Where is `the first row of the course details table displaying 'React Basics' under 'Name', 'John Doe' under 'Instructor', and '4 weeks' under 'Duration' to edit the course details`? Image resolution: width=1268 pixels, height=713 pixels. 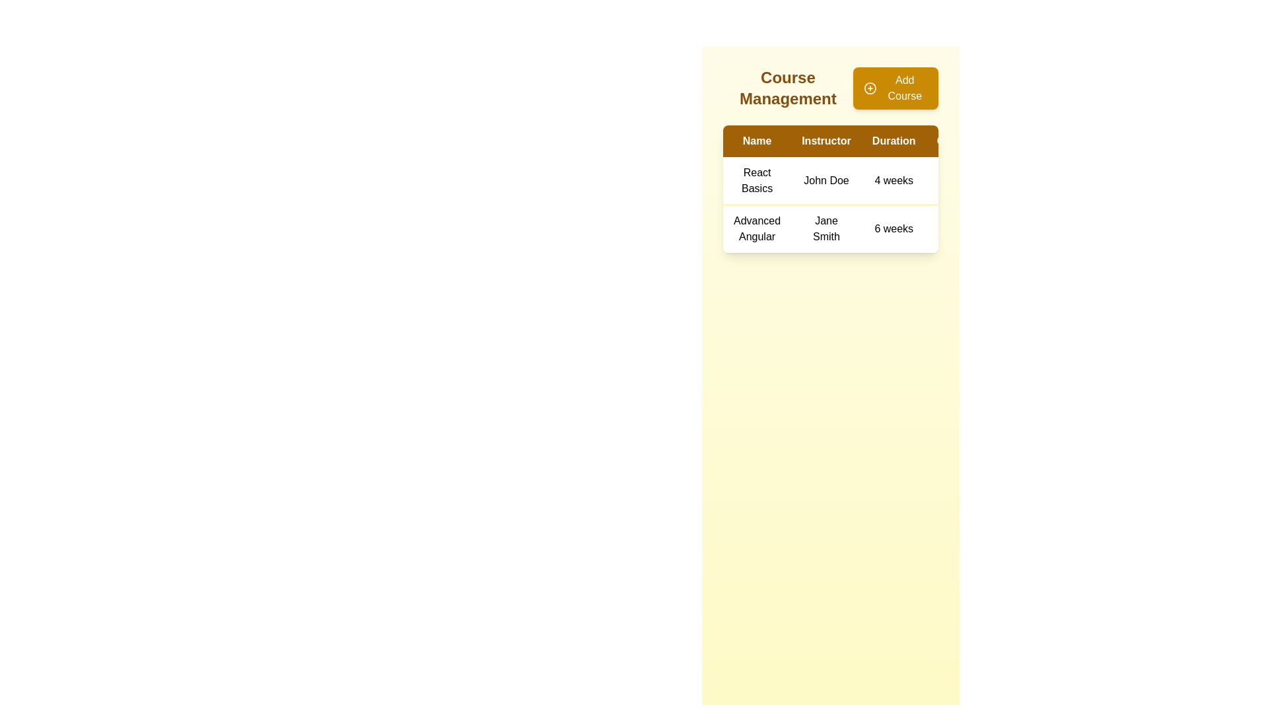
the first row of the course details table displaying 'React Basics' under 'Name', 'John Doe' under 'Instructor', and '4 weeks' under 'Duration' to edit the course details is located at coordinates (887, 181).